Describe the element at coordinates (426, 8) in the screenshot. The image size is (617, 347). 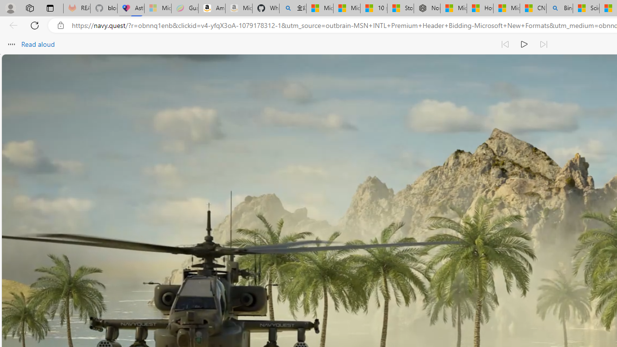
I see `'Nordace - Nordace Siena Is Not An Ordinary Backpack'` at that location.